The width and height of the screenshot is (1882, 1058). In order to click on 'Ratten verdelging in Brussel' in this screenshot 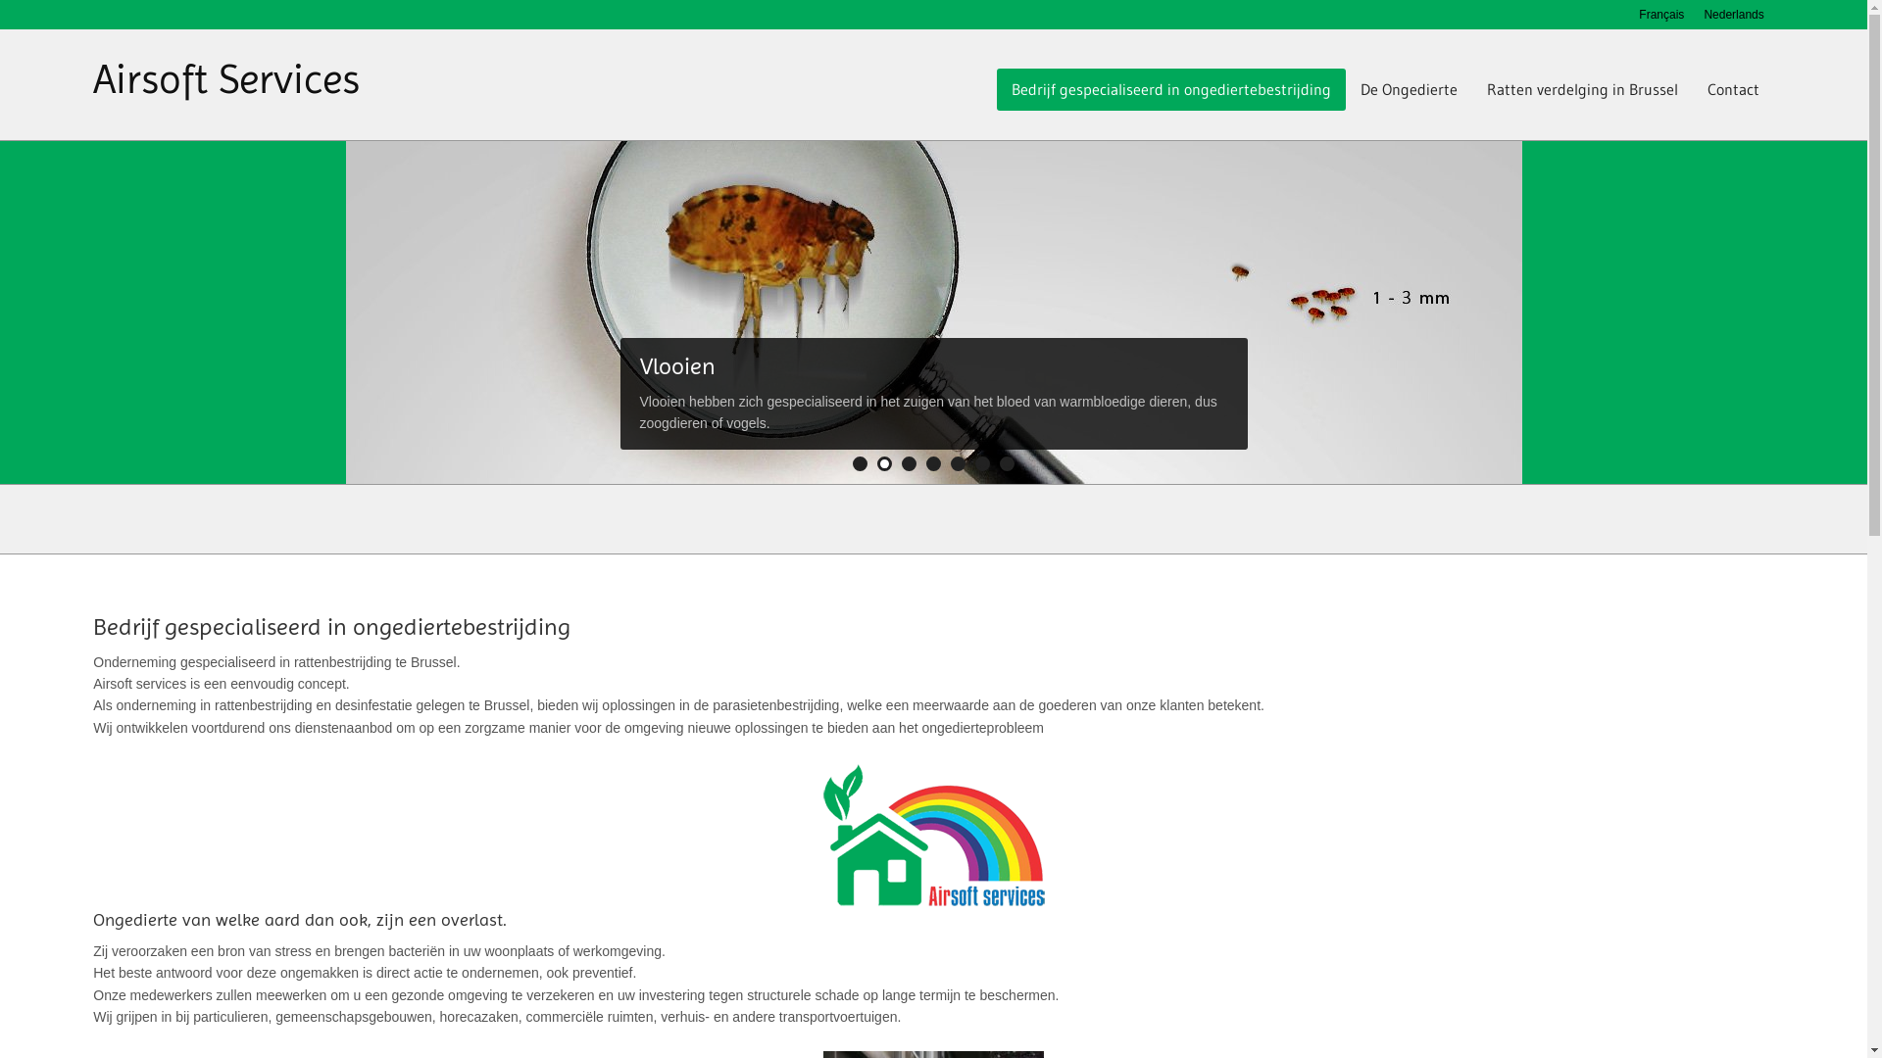, I will do `click(1472, 89)`.